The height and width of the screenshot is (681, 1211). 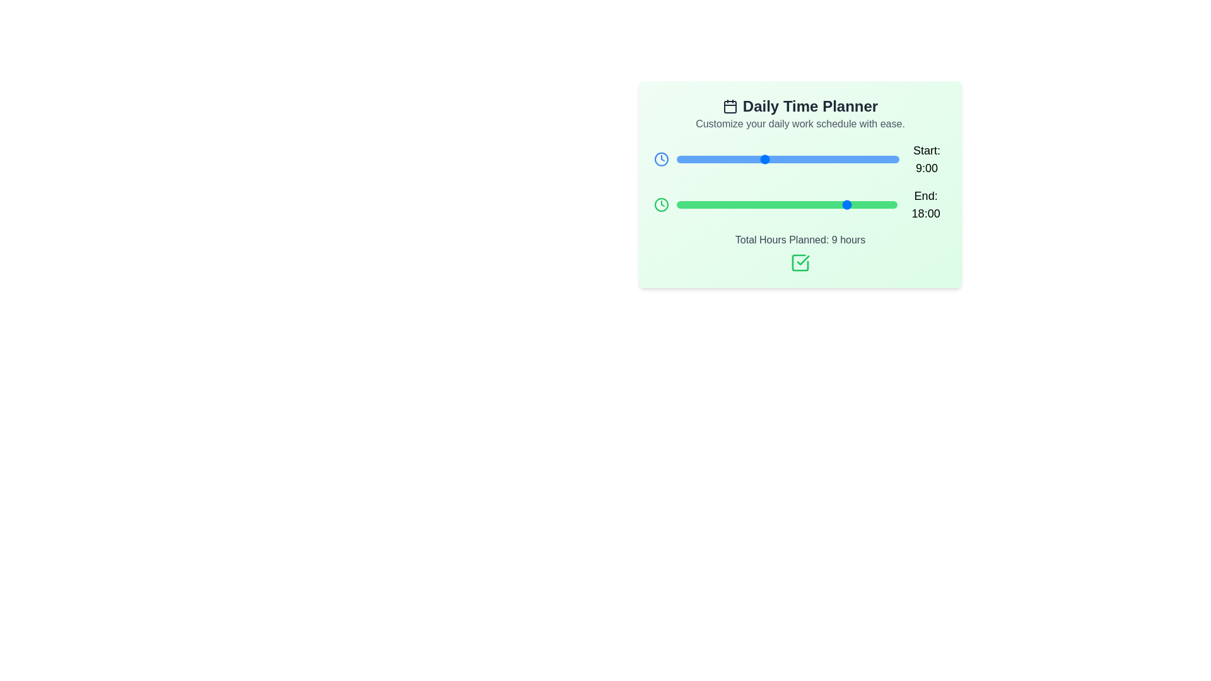 I want to click on the 'End' slider to set the end time to 21:00, so click(x=877, y=204).